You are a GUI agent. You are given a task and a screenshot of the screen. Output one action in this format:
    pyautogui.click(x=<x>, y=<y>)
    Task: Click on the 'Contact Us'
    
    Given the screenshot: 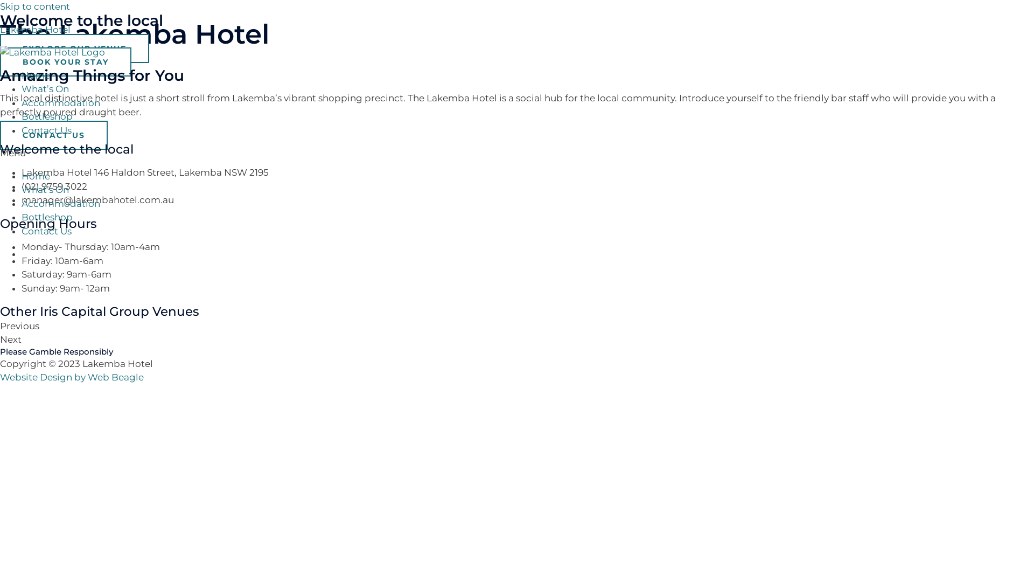 What is the action you would take?
    pyautogui.click(x=46, y=230)
    